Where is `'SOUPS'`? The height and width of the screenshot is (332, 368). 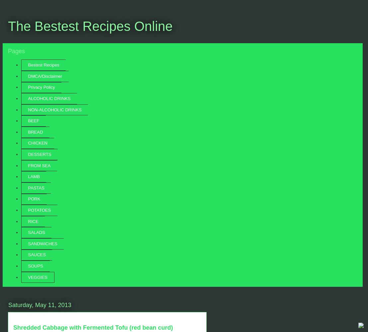 'SOUPS' is located at coordinates (27, 266).